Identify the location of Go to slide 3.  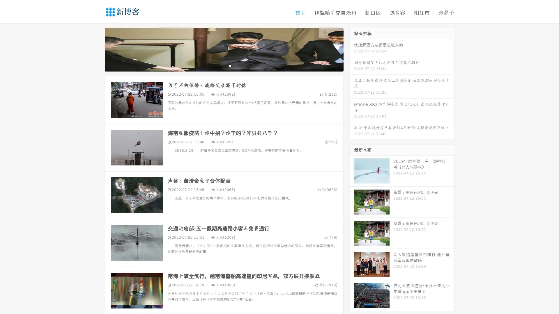
(230, 65).